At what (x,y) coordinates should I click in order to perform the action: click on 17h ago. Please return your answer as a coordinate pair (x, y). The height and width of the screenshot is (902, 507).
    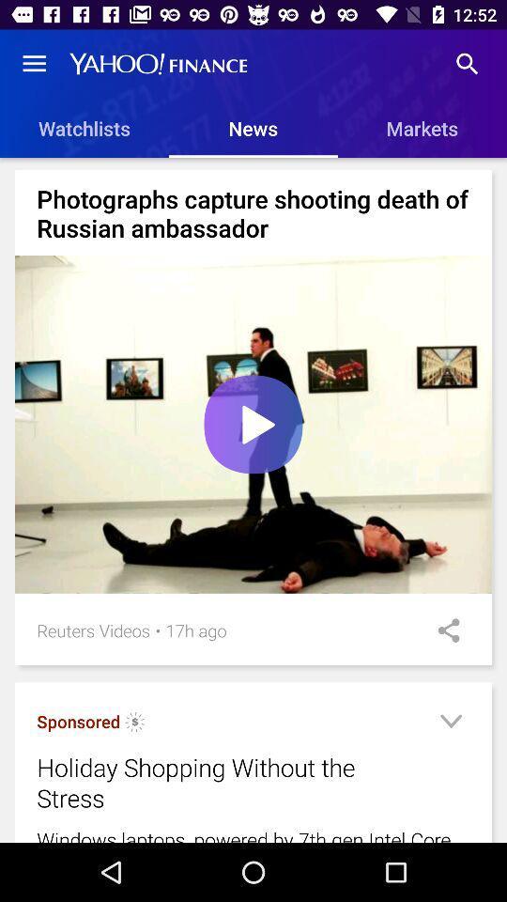
    Looking at the image, I should click on (195, 630).